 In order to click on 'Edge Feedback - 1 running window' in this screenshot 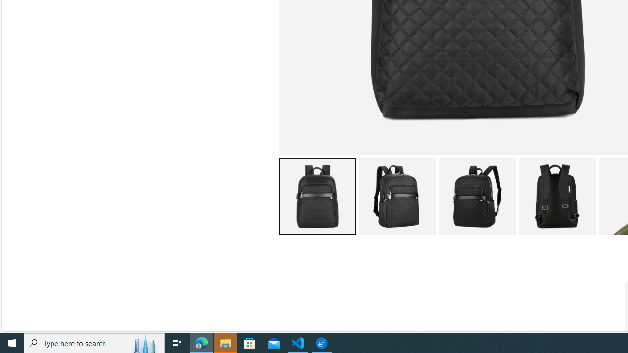, I will do `click(322, 342)`.